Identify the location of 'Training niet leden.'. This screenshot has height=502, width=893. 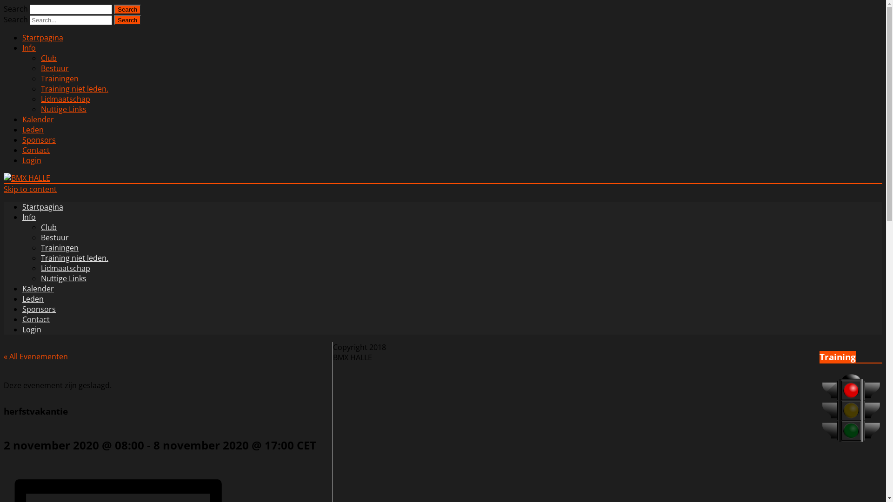
(40, 258).